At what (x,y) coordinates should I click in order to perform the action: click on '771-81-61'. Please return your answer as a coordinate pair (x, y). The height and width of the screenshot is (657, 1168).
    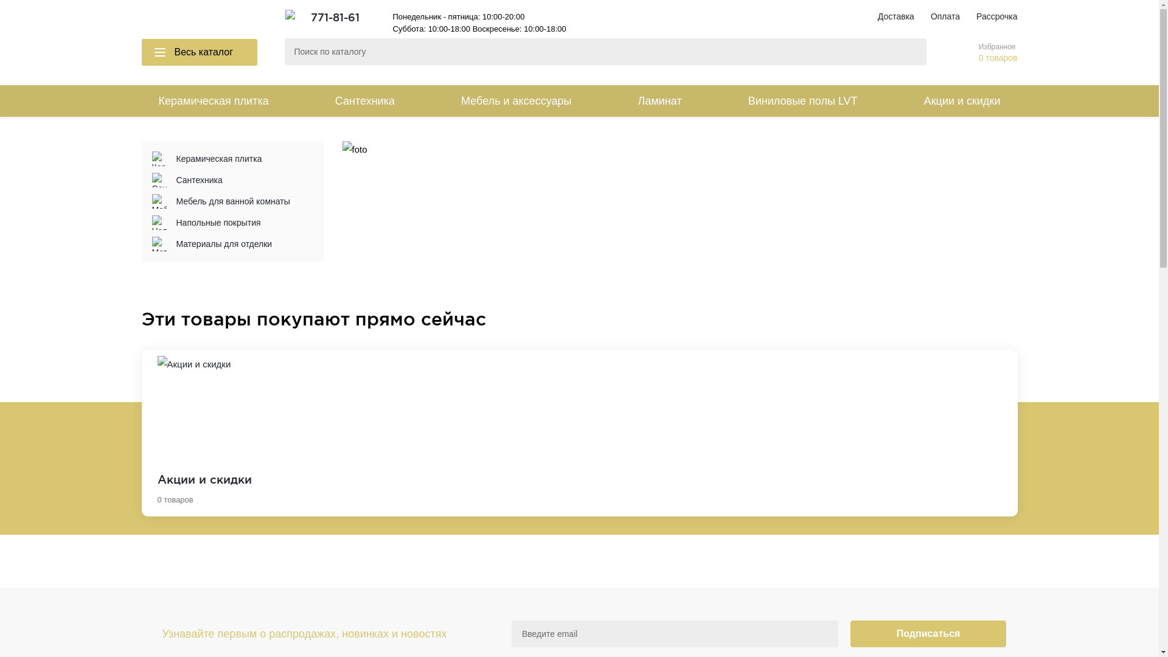
    Looking at the image, I should click on (310, 16).